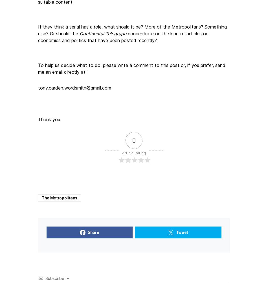 This screenshot has height=285, width=268. Describe the element at coordinates (50, 119) in the screenshot. I see `'Thank you.'` at that location.